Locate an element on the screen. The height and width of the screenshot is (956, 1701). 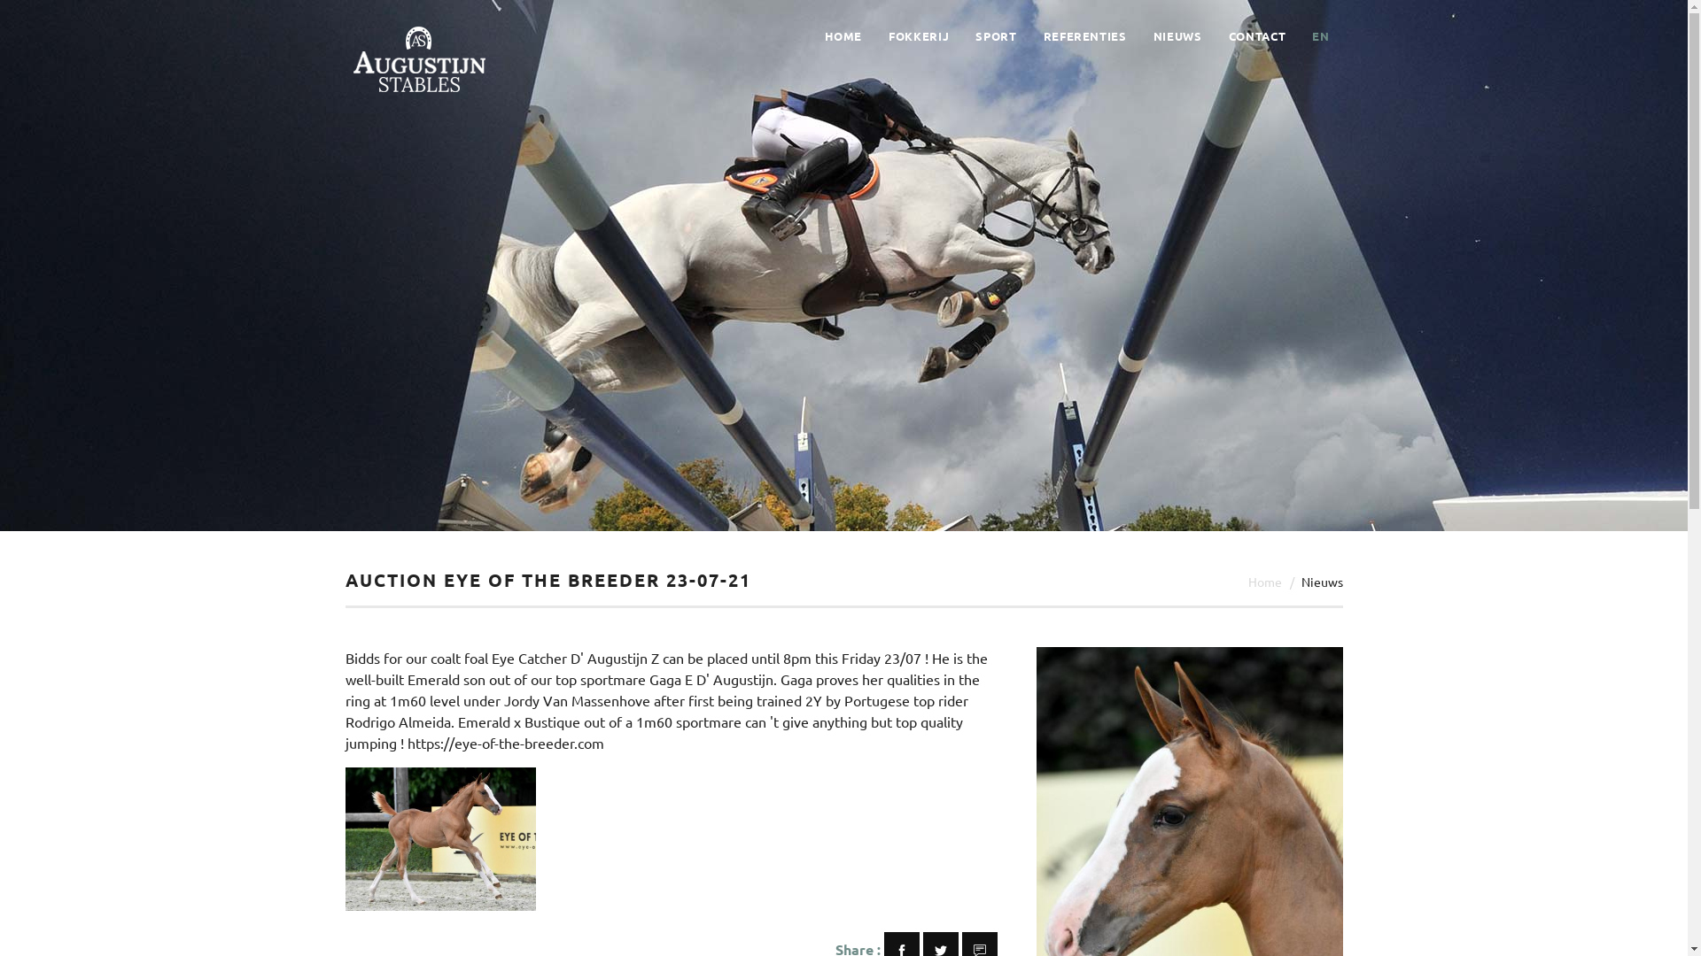
'WEBSITE BY PWEB' is located at coordinates (978, 927).